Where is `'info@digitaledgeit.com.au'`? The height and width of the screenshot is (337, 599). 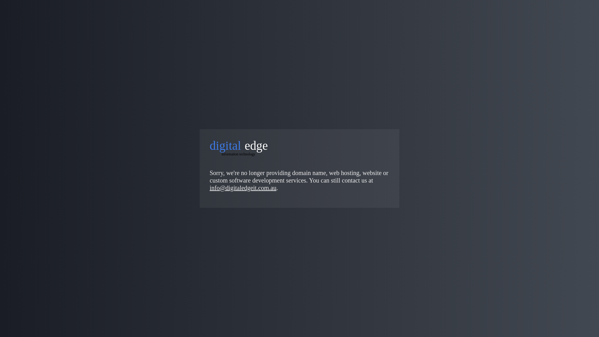 'info@digitaledgeit.com.au' is located at coordinates (242, 187).